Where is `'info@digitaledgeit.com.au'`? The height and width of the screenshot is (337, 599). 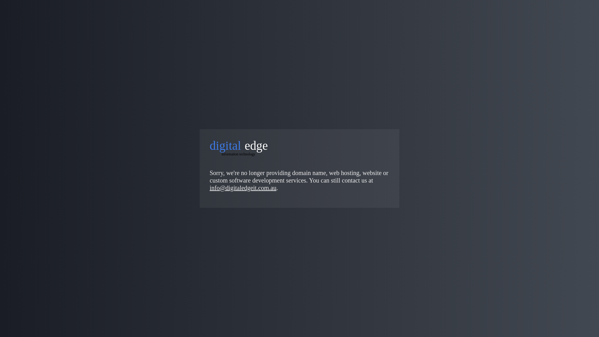 'info@digitaledgeit.com.au' is located at coordinates (242, 187).